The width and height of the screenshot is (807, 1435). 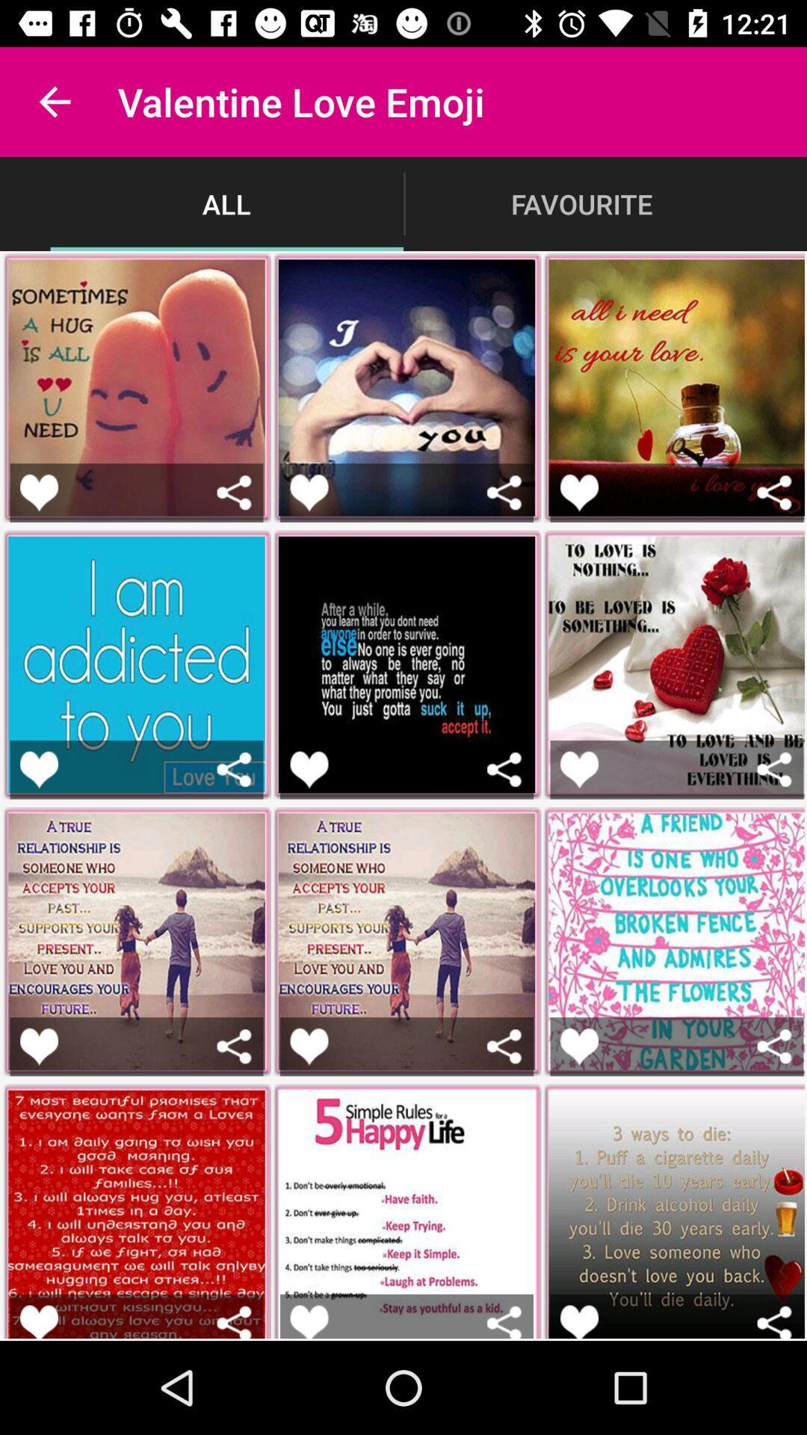 I want to click on share the photo, so click(x=504, y=769).